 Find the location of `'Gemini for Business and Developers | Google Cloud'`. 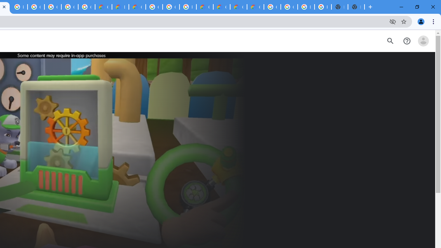

'Gemini for Business and Developers | Google Cloud' is located at coordinates (137, 7).